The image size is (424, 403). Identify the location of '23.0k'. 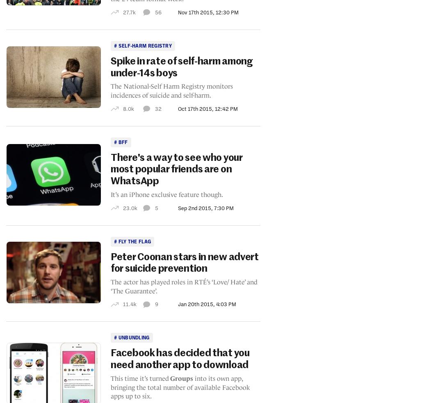
(130, 207).